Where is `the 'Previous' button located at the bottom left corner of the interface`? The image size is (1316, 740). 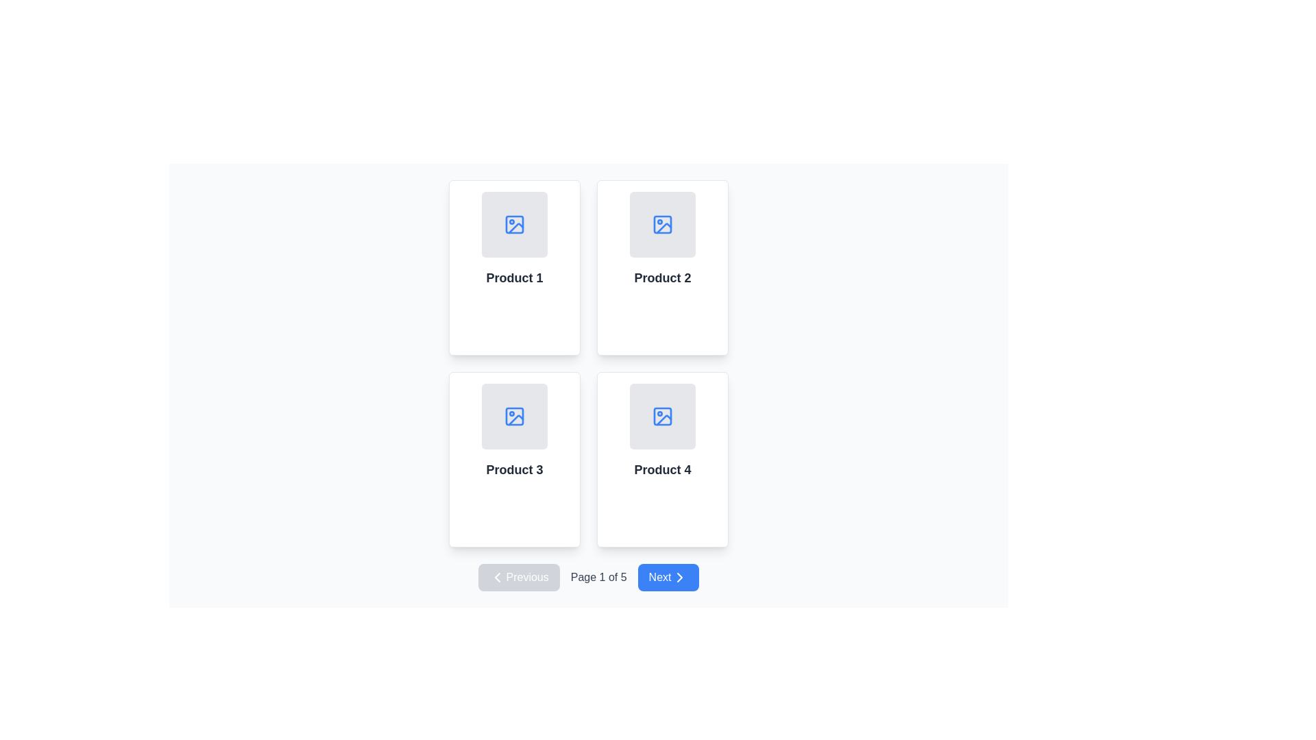
the 'Previous' button located at the bottom left corner of the interface is located at coordinates (518, 578).